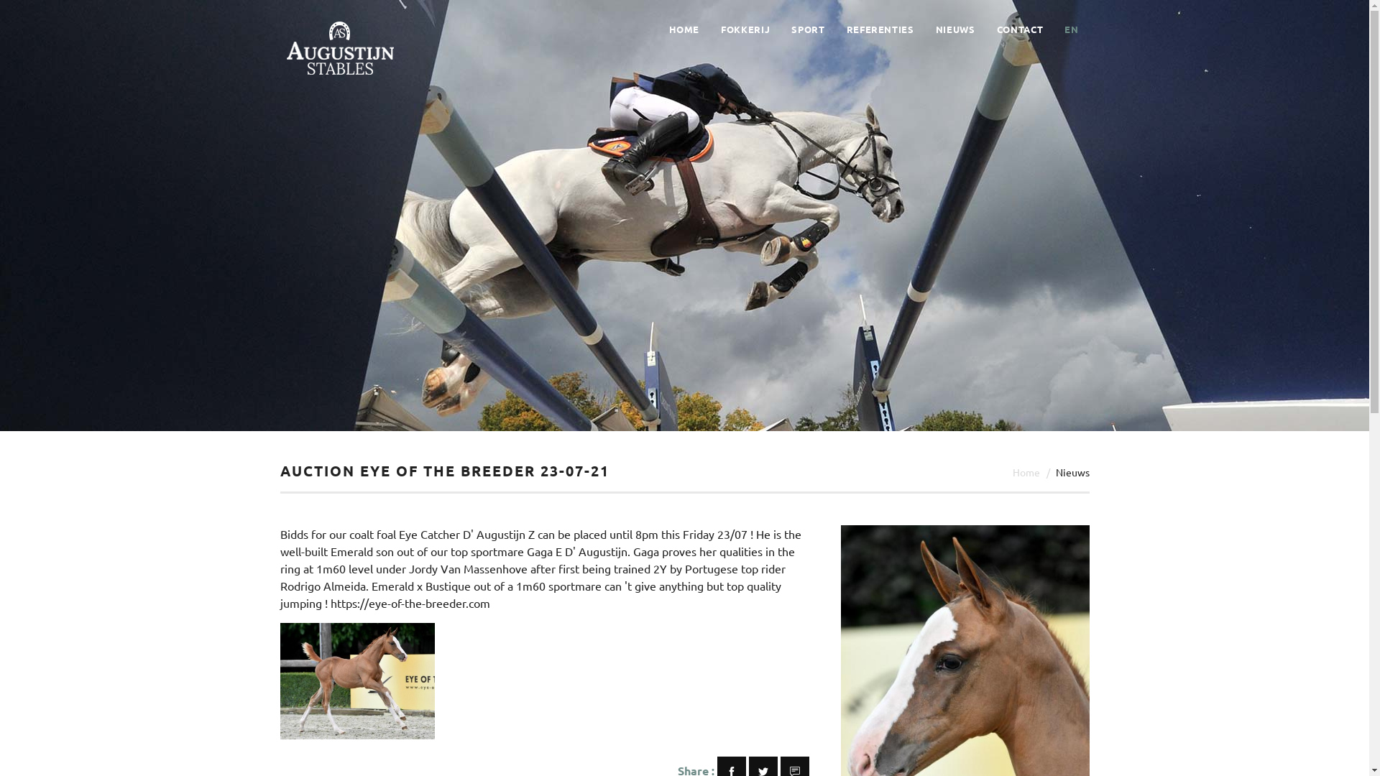 The width and height of the screenshot is (1380, 776). Describe the element at coordinates (683, 29) in the screenshot. I see `'HOME'` at that location.